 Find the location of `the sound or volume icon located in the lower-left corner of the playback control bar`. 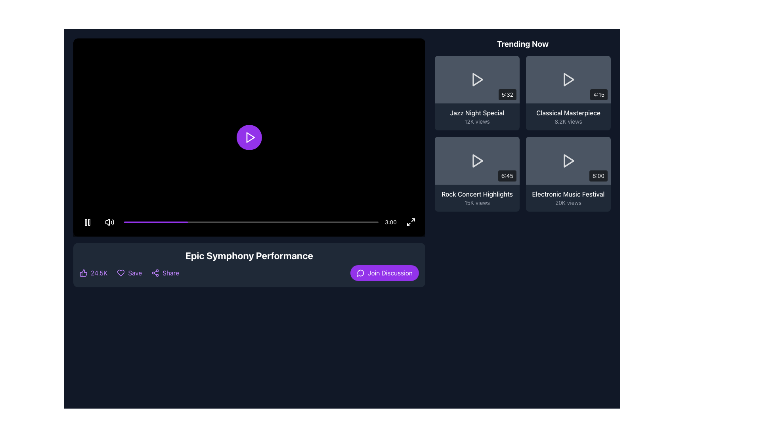

the sound or volume icon located in the lower-left corner of the playback control bar is located at coordinates (107, 222).